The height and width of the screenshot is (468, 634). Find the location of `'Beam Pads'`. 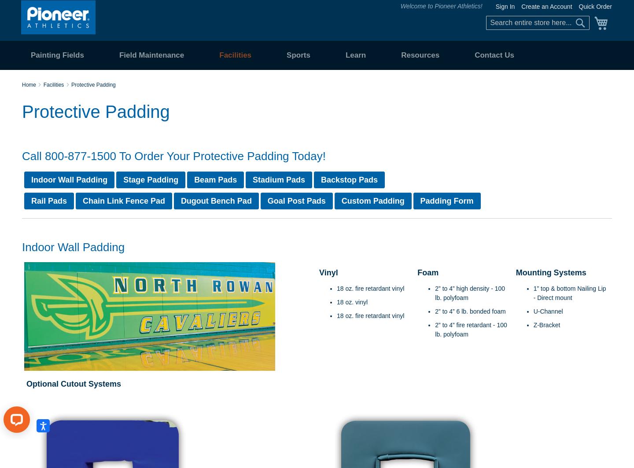

'Beam Pads' is located at coordinates (215, 179).